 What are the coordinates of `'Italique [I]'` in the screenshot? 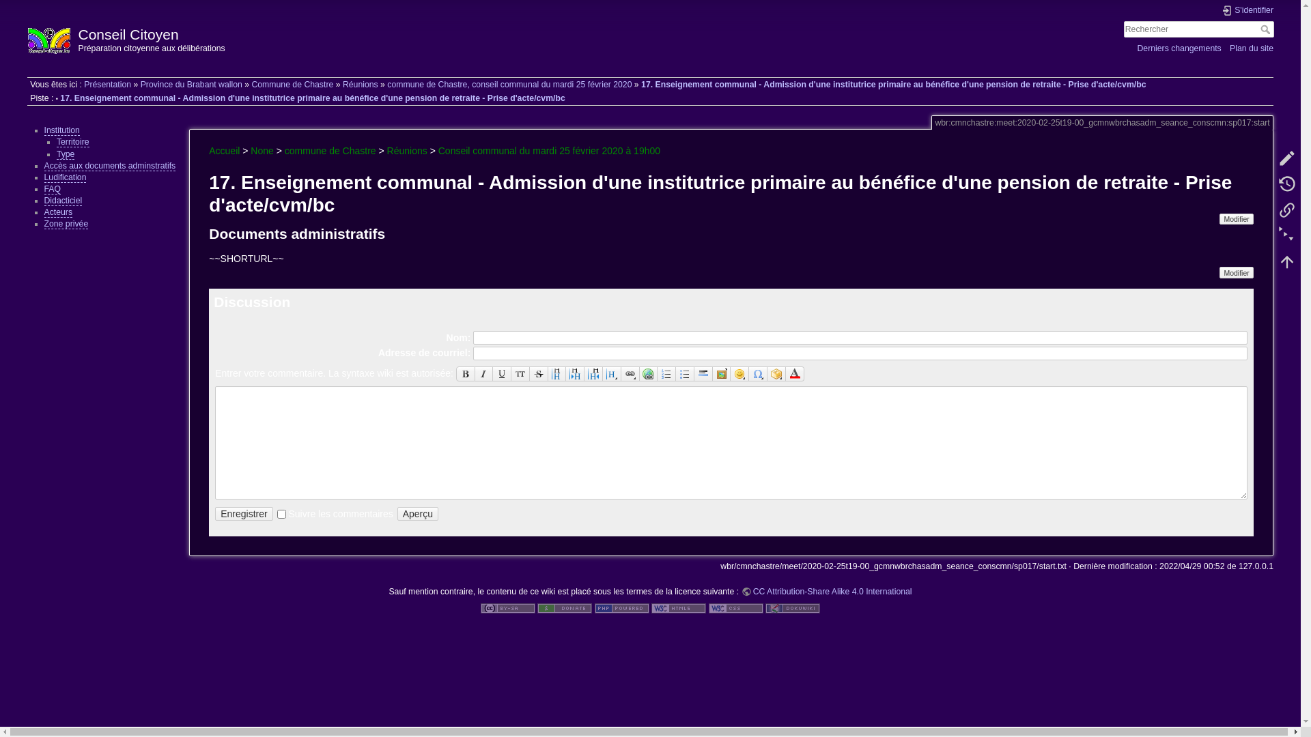 It's located at (475, 373).